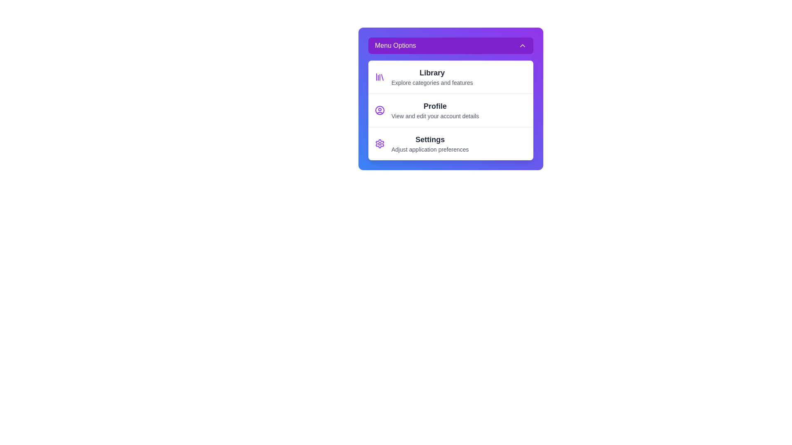 The width and height of the screenshot is (792, 445). Describe the element at coordinates (379, 143) in the screenshot. I see `the 'Settings' icon located to the left of the text 'Settings Adjust application preferences' in the menu panel` at that location.